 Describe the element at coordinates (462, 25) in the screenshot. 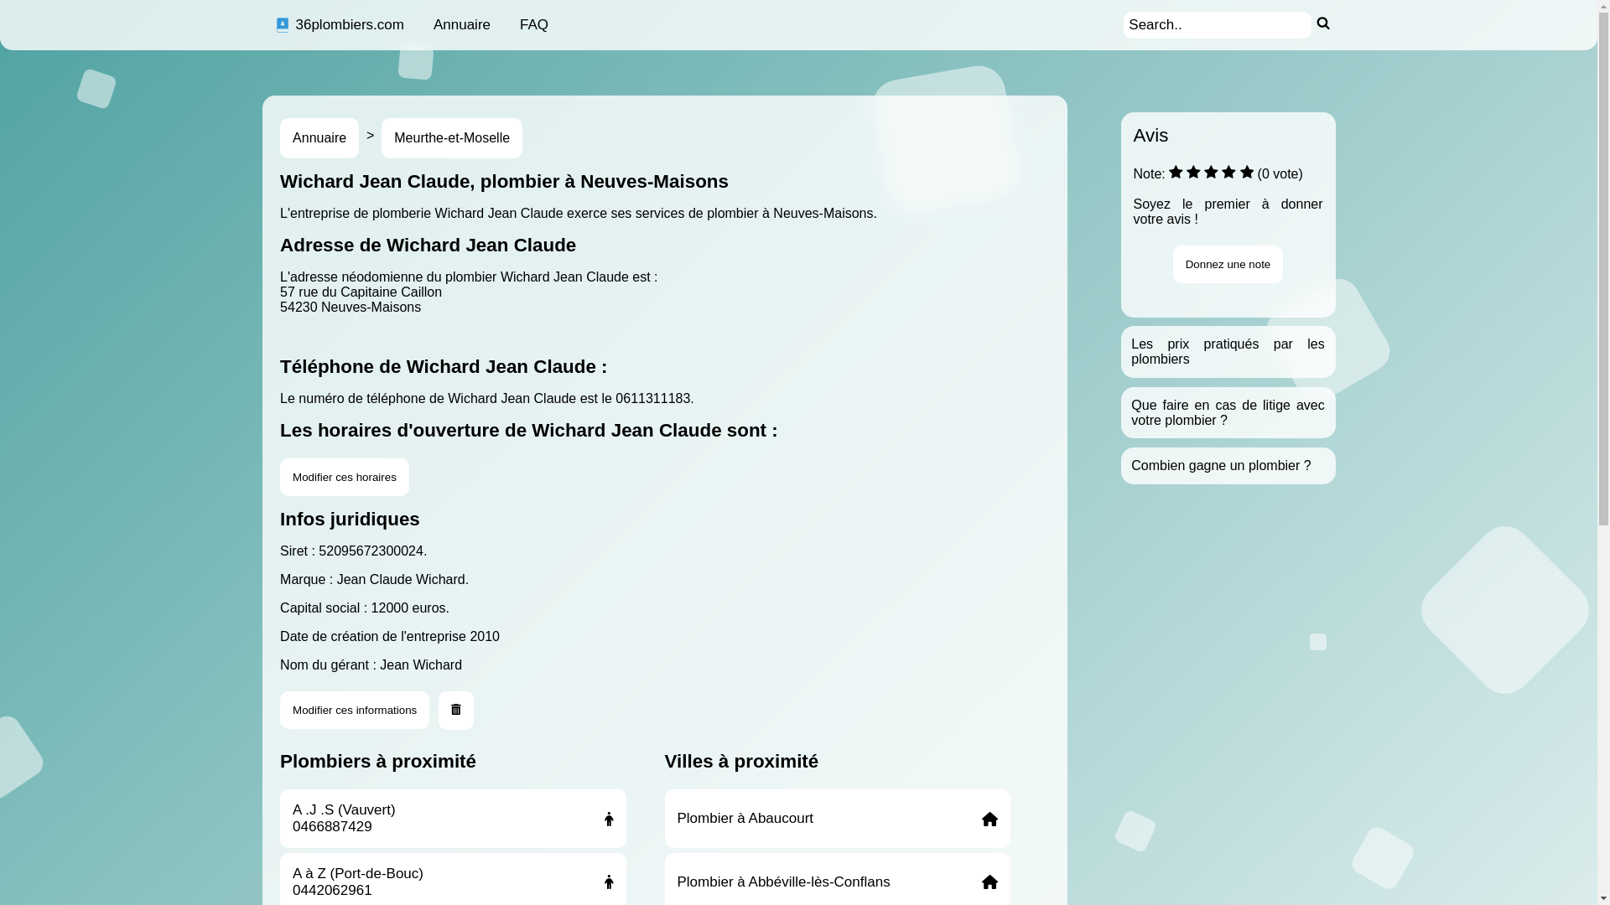

I see `'Annuaire'` at that location.